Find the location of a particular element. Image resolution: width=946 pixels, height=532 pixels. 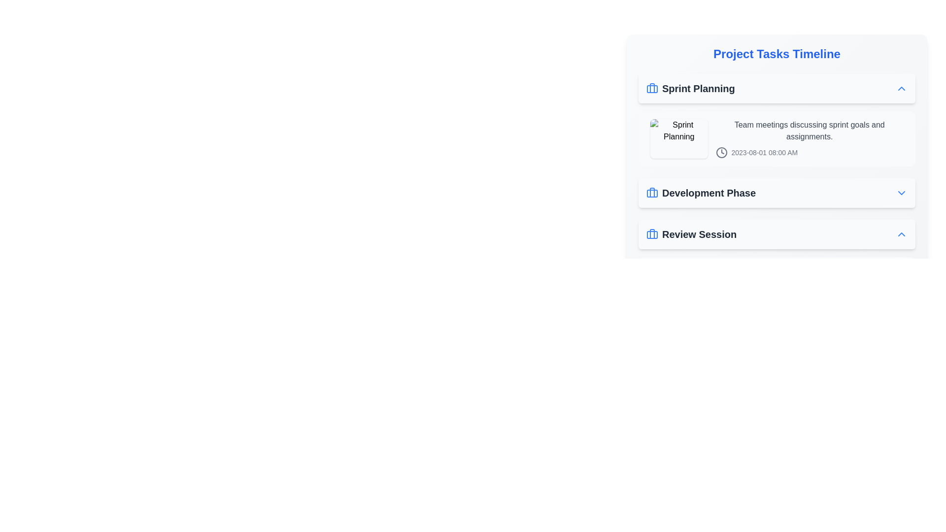

the image with 'alt' text 'Sprint Planning', which has rounded corners and a shadow effect, located at the top-left corner of the Sprint Planning section is located at coordinates (678, 138).